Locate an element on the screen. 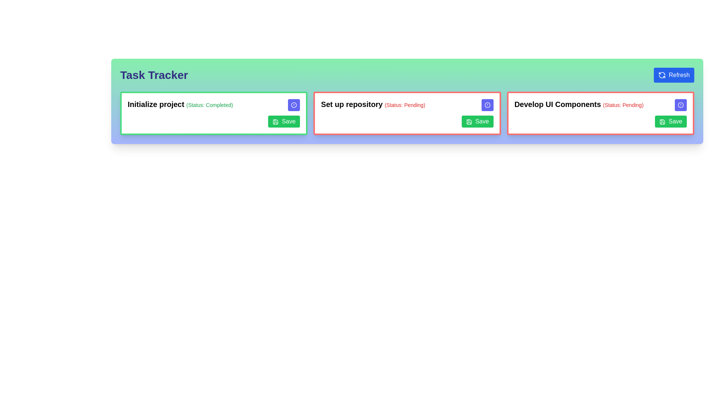 This screenshot has width=719, height=404. the compact save icon with a green background located to the left of the 'Save' button is located at coordinates (275, 121).